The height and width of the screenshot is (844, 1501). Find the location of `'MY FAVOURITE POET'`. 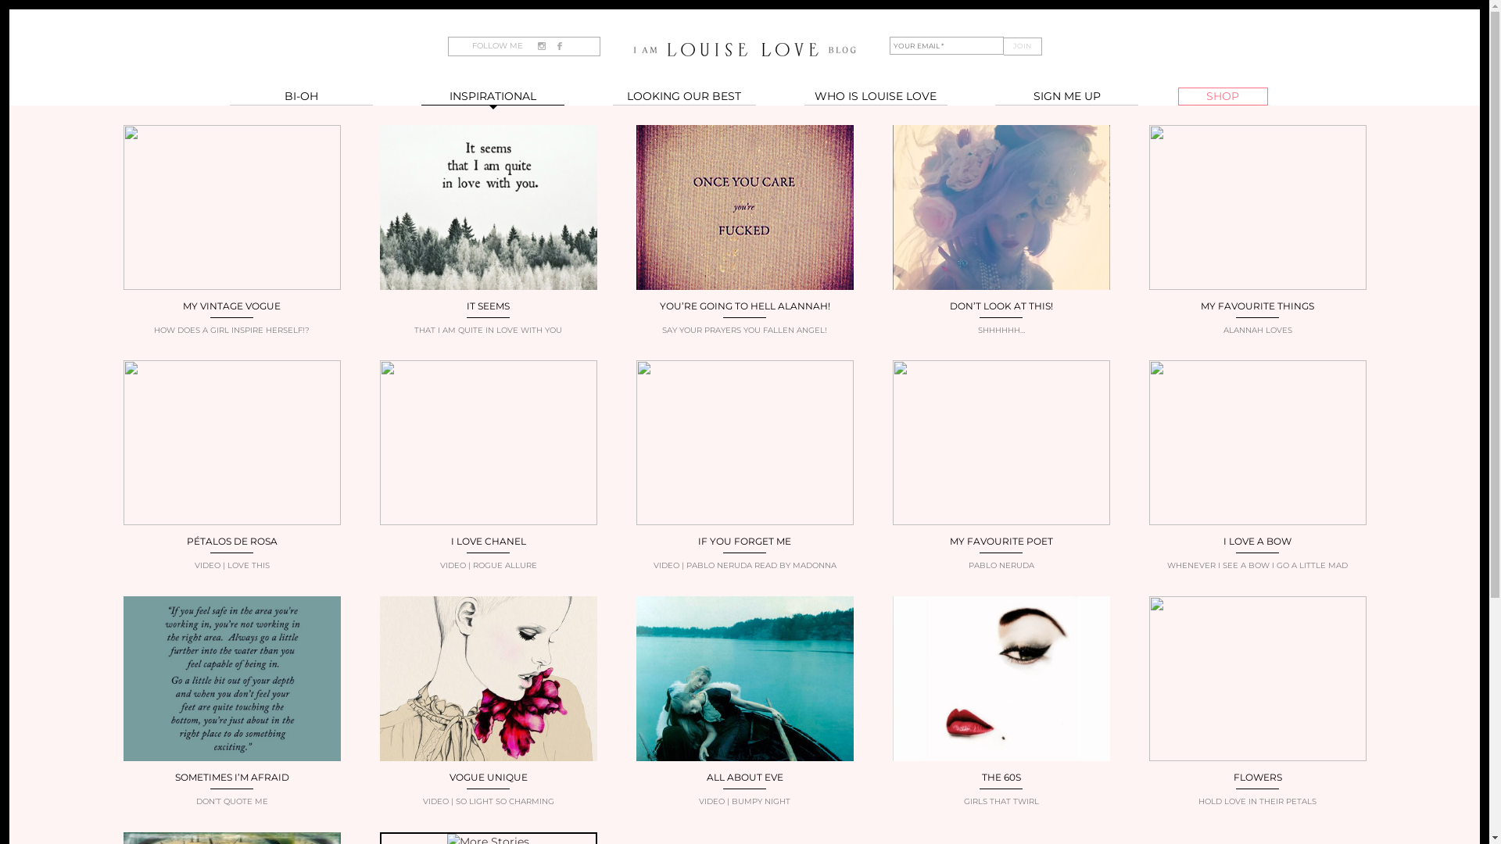

'MY FAVOURITE POET' is located at coordinates (1001, 540).